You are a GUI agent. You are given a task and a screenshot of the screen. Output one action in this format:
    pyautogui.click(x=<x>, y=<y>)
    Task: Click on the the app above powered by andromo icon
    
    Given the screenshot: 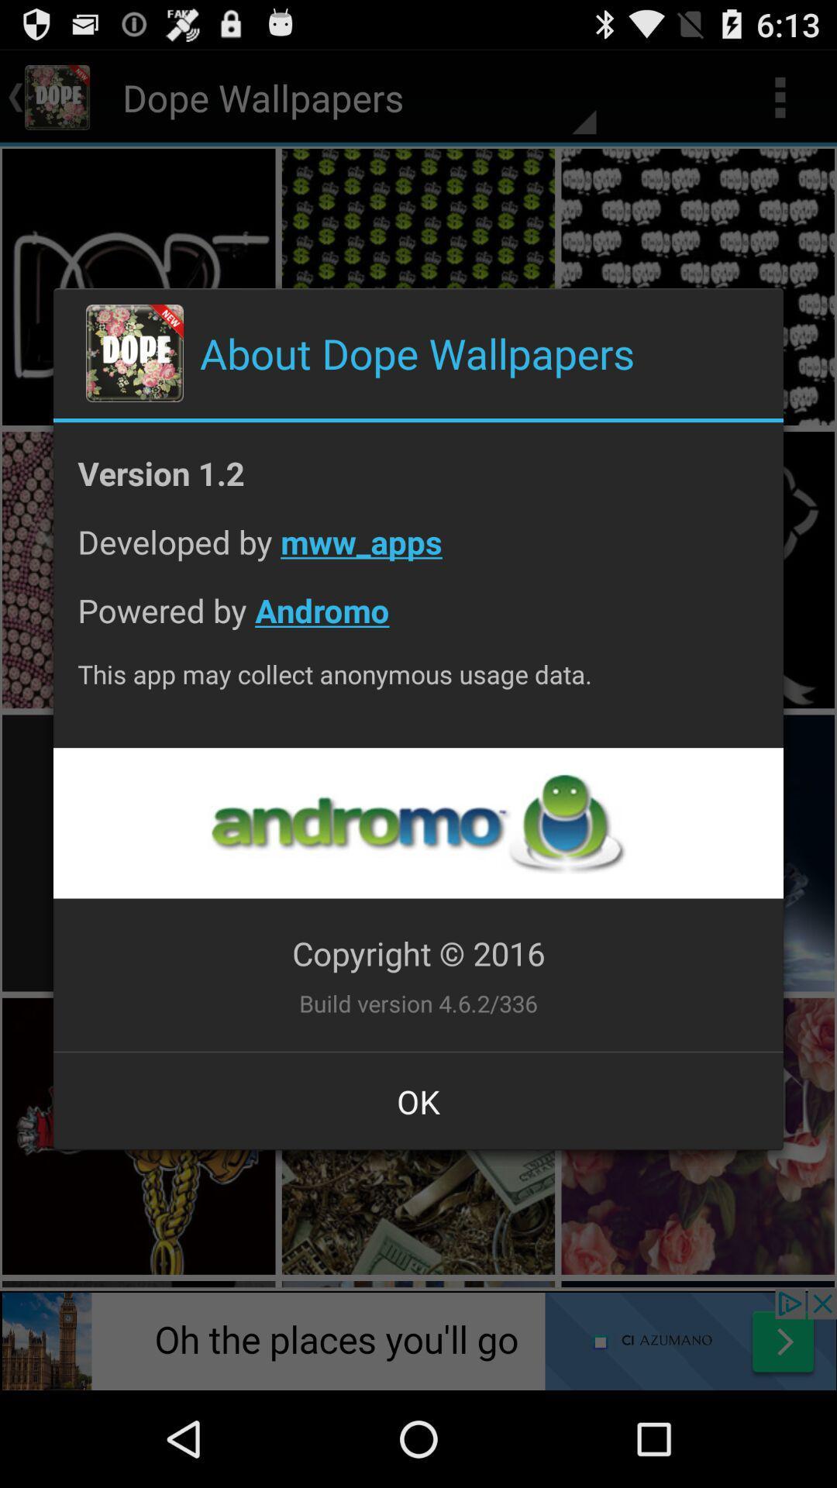 What is the action you would take?
    pyautogui.click(x=418, y=553)
    